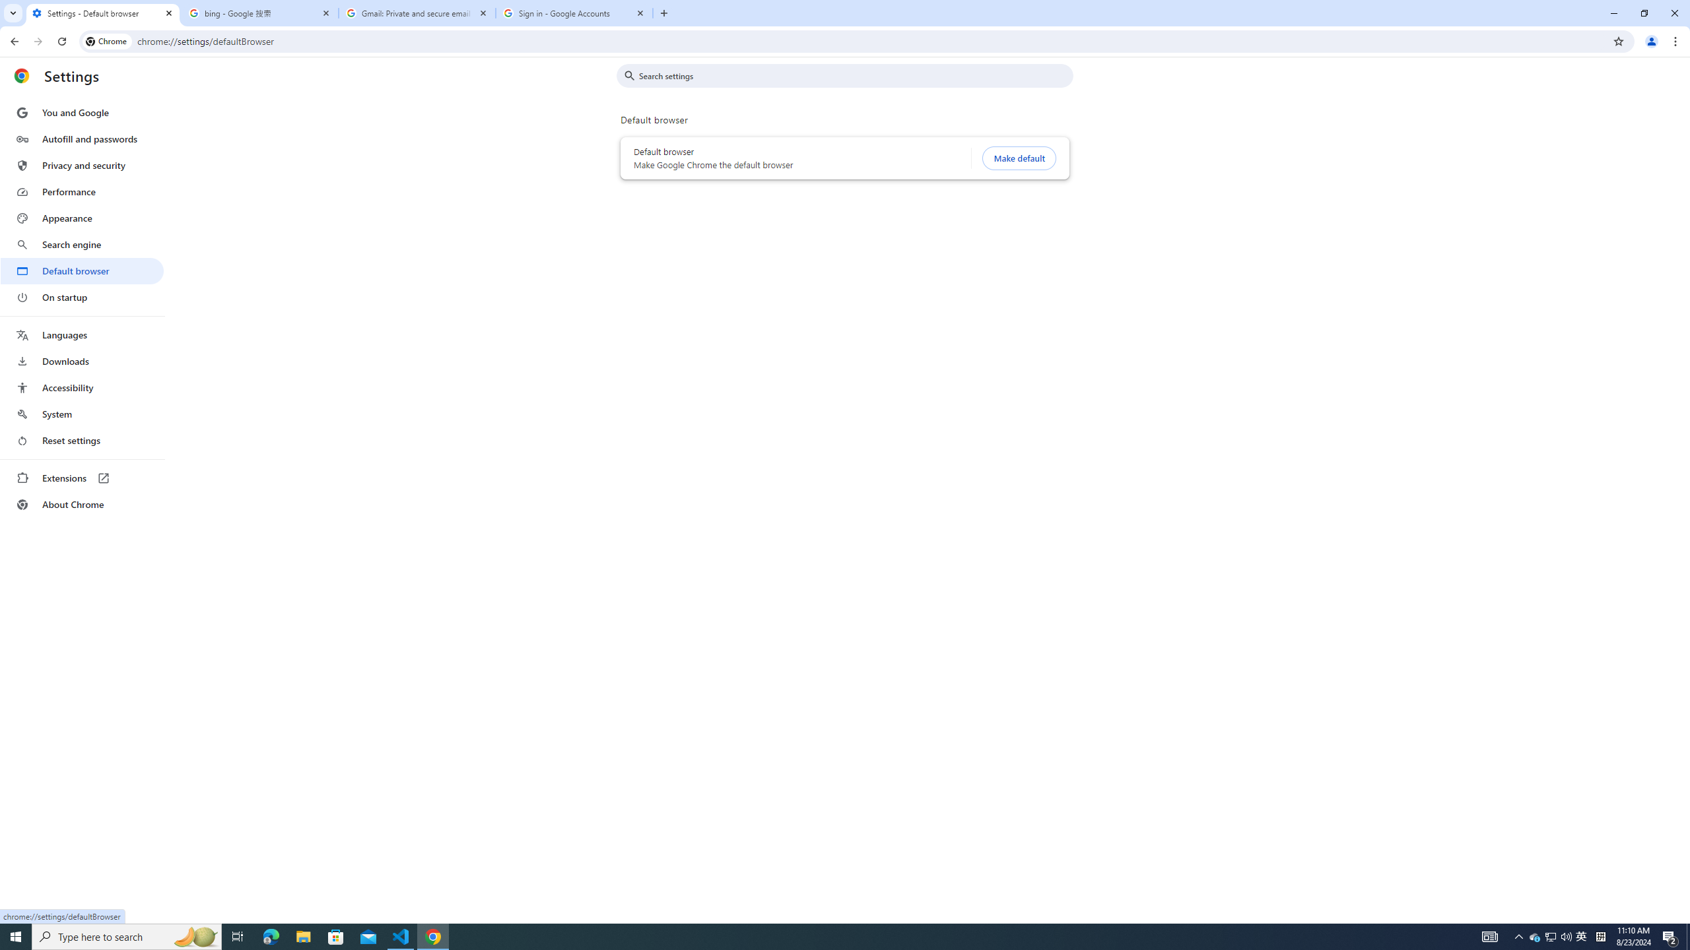 This screenshot has height=950, width=1690. What do you see at coordinates (854, 75) in the screenshot?
I see `'Search settings'` at bounding box center [854, 75].